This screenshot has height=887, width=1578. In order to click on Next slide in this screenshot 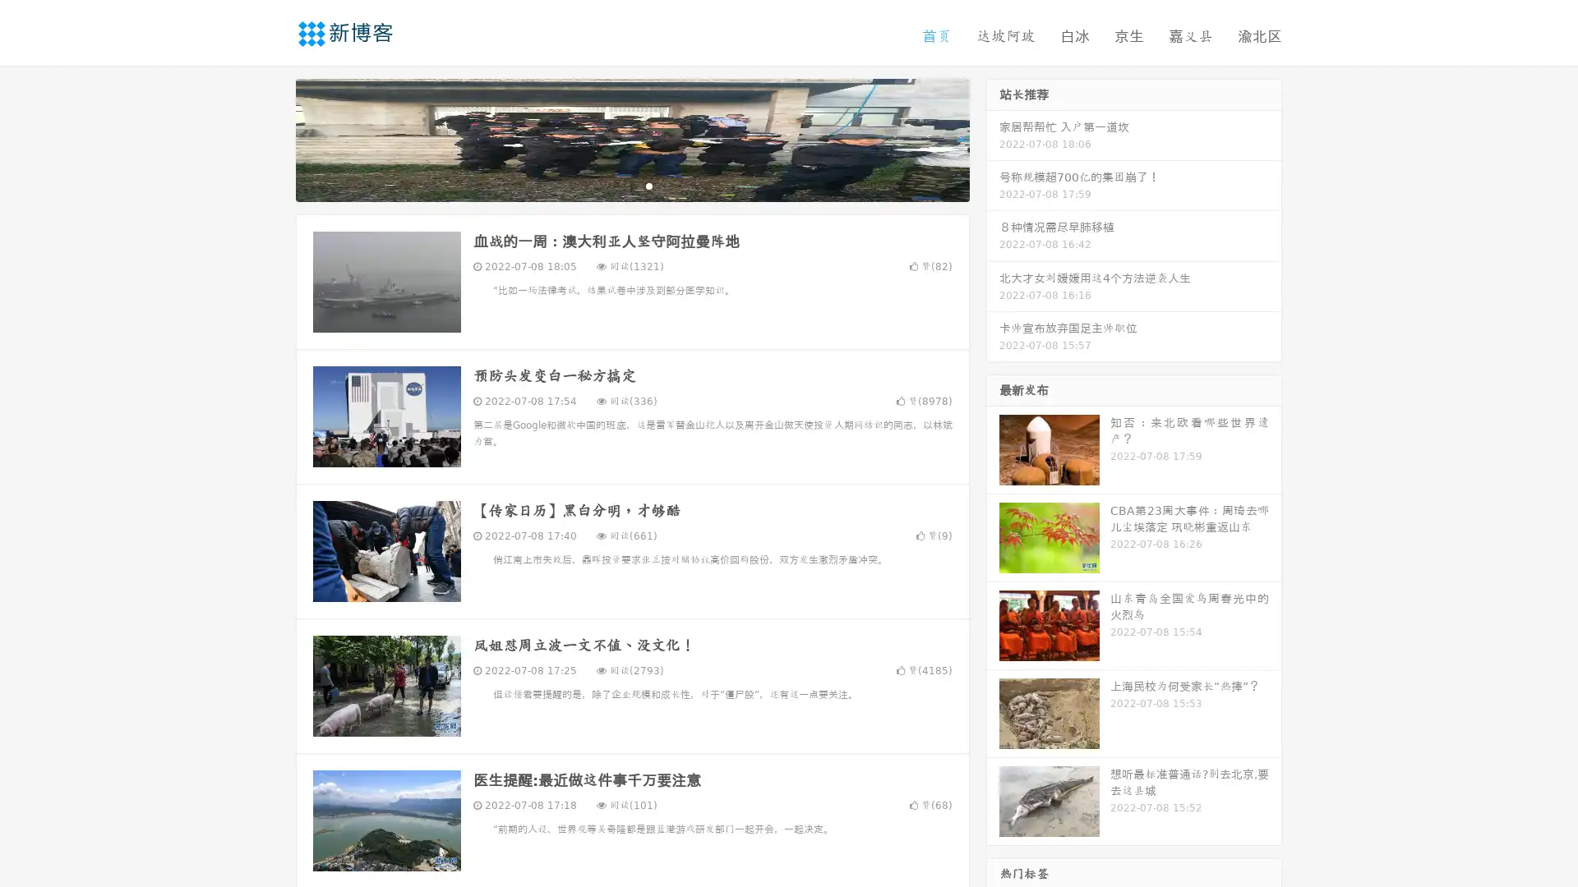, I will do `click(993, 138)`.